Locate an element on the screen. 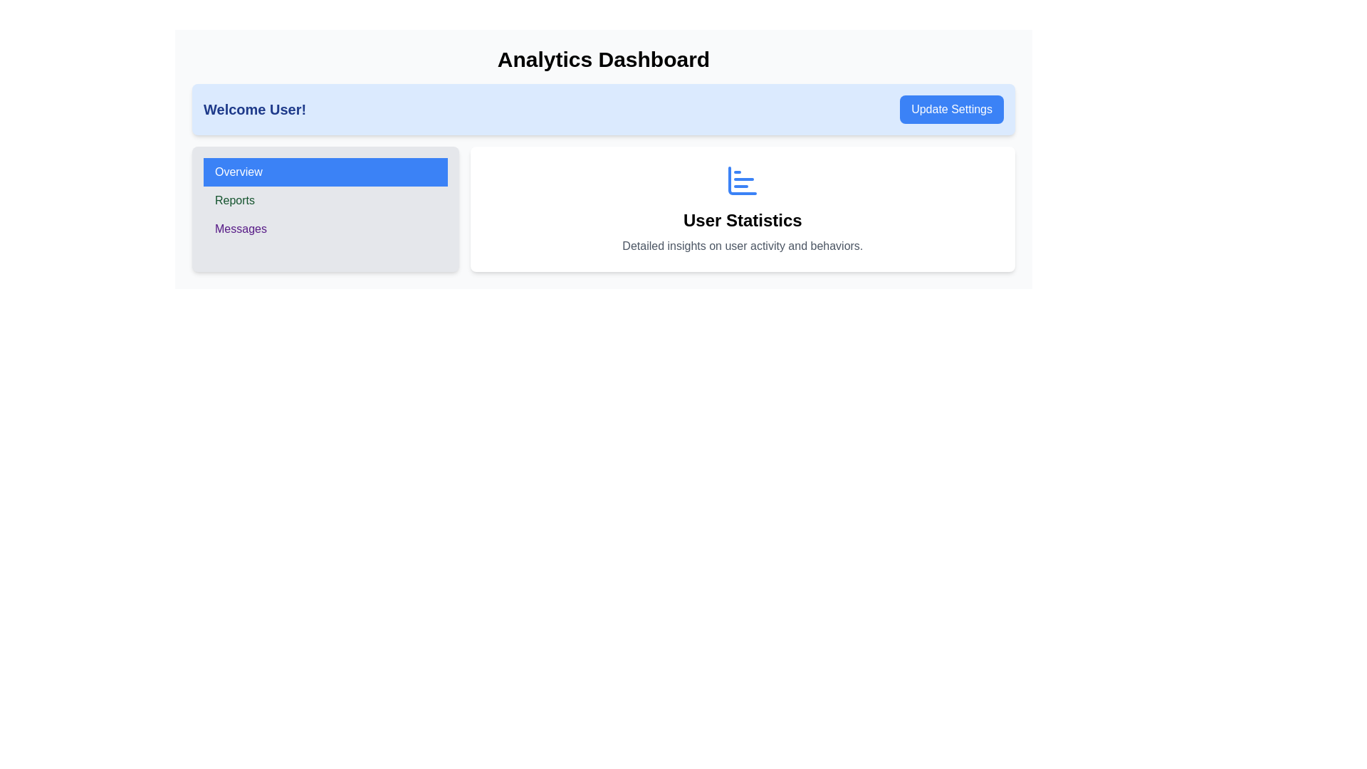  the statistical data icon located at the center of the 'User Statistics' card, which is positioned to the right of the sidebar menu and below the header section is located at coordinates (742, 180).